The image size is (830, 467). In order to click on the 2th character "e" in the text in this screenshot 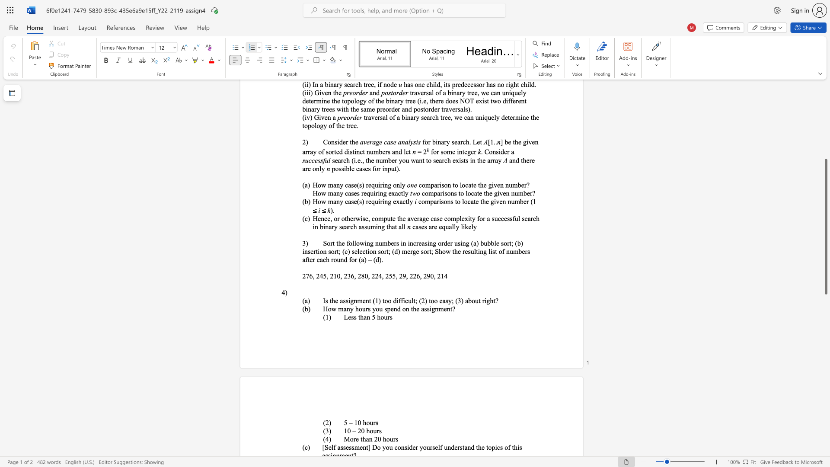, I will do `click(418, 308)`.